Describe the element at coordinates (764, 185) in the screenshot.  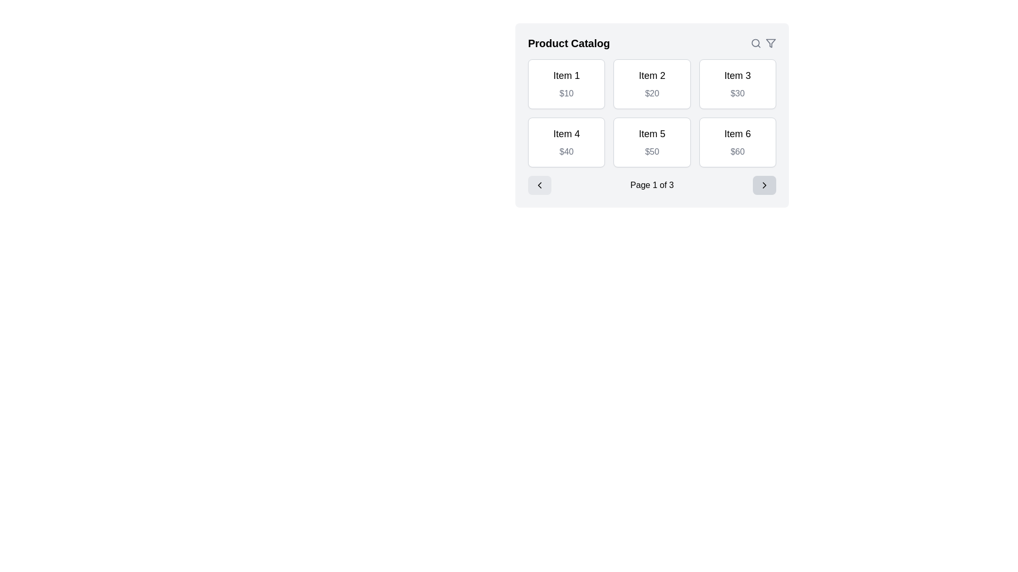
I see `the small right-facing chevron icon, which is black and part of an SVG element, located at the bottom-right corner of the interface` at that location.